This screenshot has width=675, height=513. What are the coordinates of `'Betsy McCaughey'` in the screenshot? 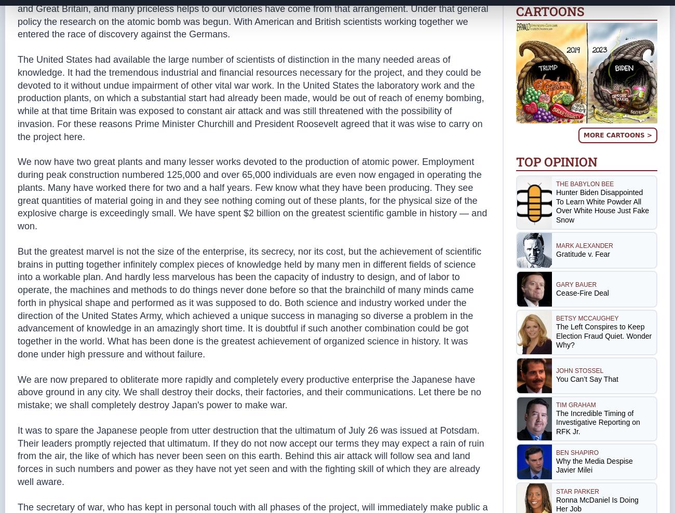 It's located at (587, 318).